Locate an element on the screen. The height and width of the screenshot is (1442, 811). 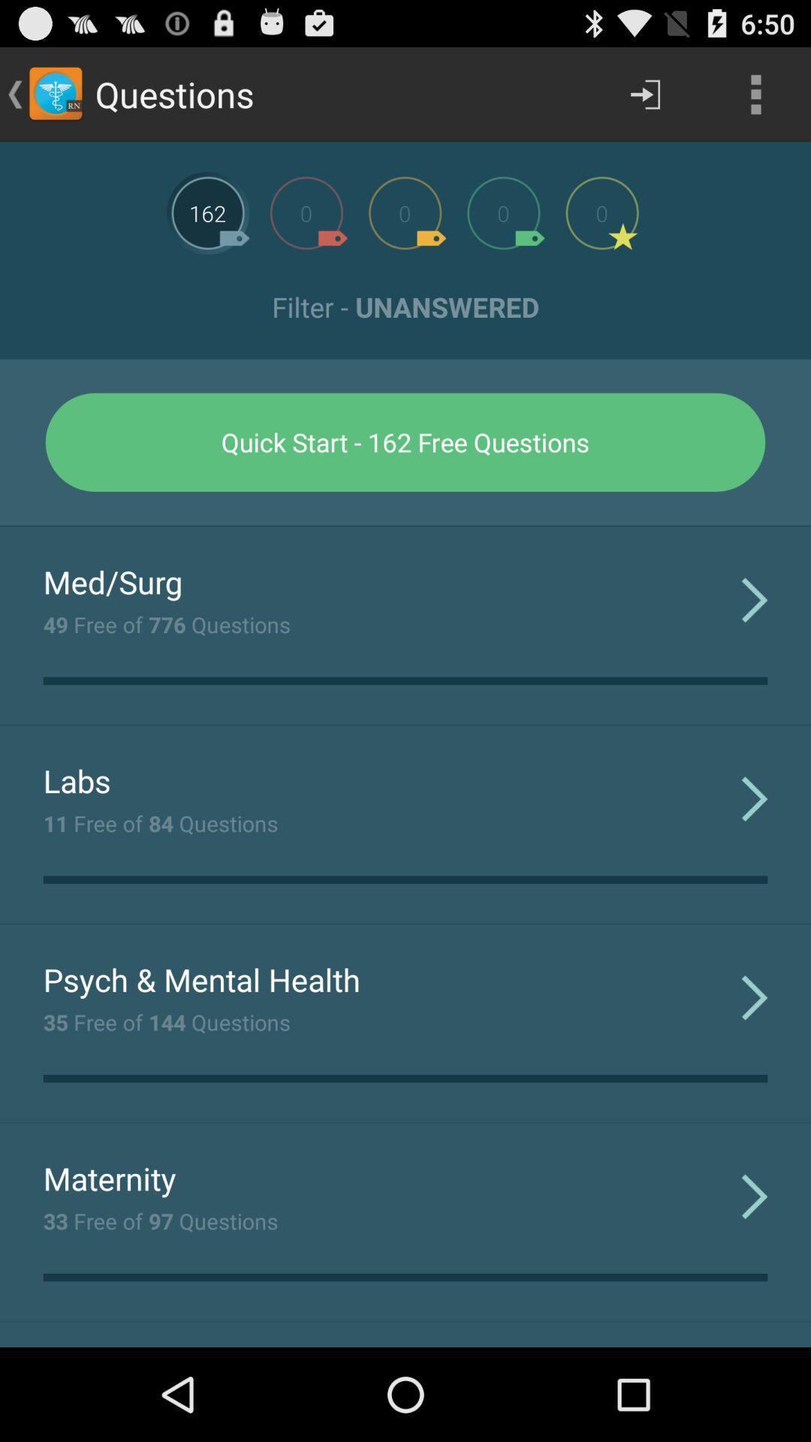
the icon below the filter - unanswered is located at coordinates (405, 442).